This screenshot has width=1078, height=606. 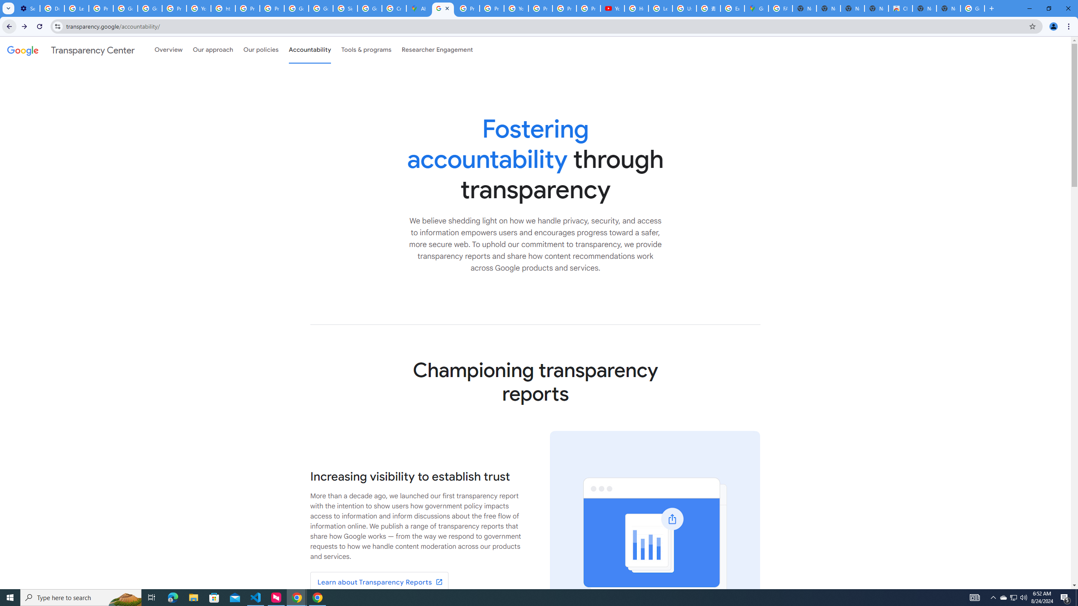 I want to click on 'Privacy Help Center - Policies Help', so click(x=467, y=8).